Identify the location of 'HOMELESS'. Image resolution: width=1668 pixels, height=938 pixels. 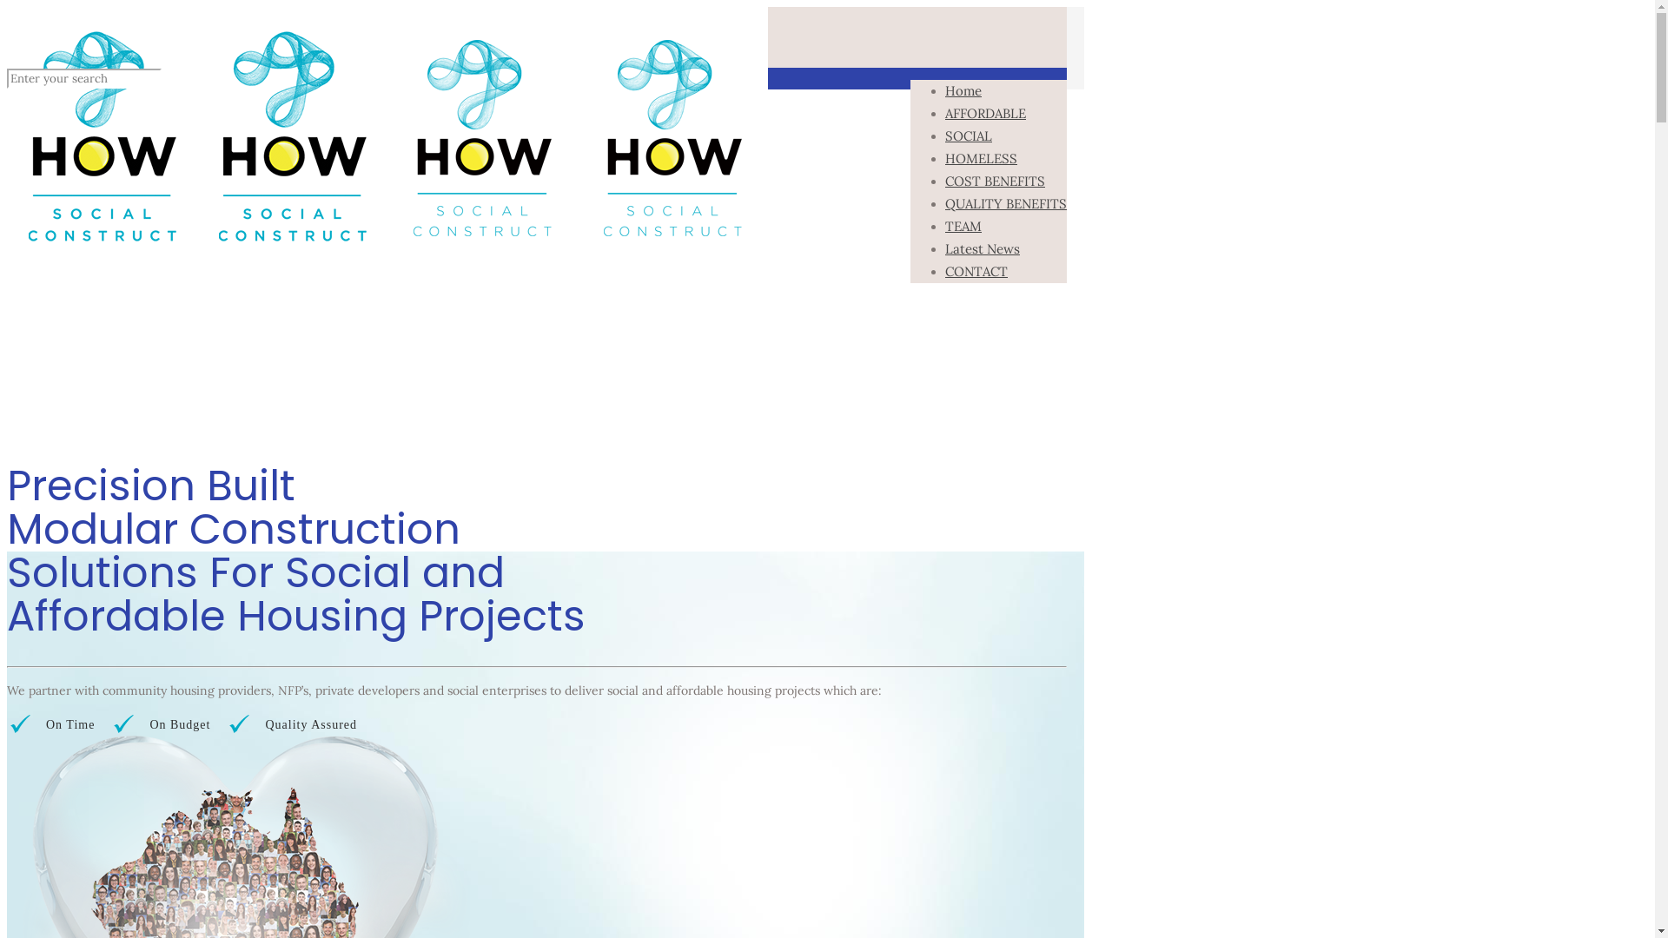
(944, 158).